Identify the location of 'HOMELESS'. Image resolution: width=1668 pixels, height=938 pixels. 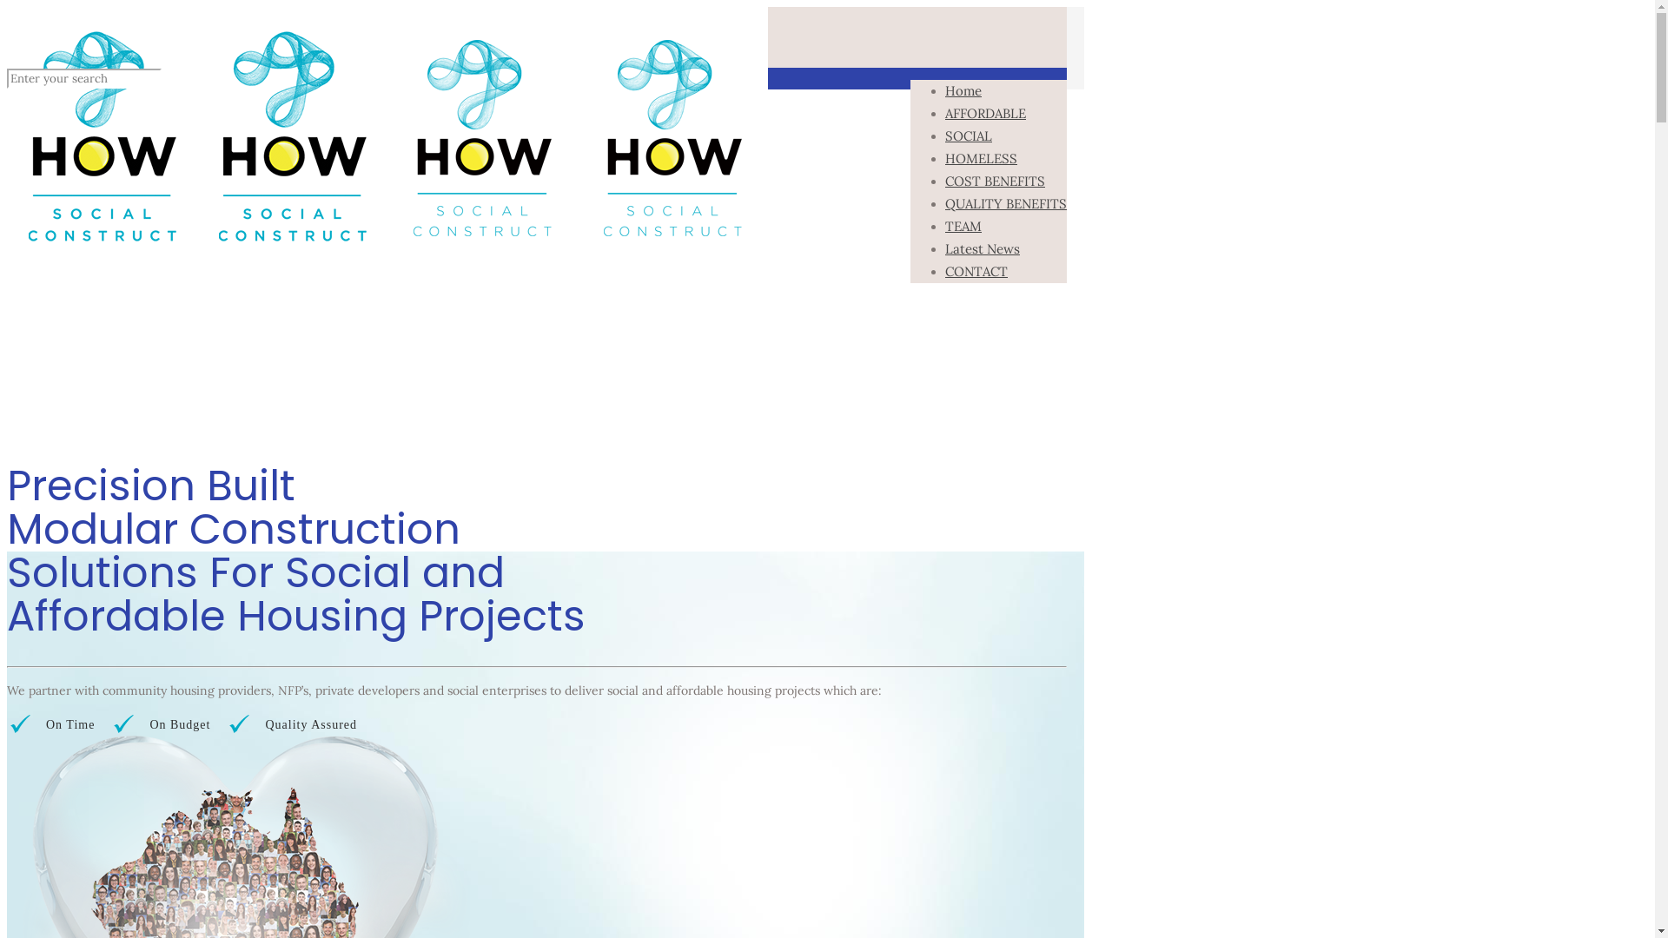
(944, 158).